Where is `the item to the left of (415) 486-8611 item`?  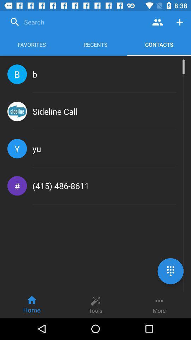
the item to the left of (415) 486-8611 item is located at coordinates (17, 185).